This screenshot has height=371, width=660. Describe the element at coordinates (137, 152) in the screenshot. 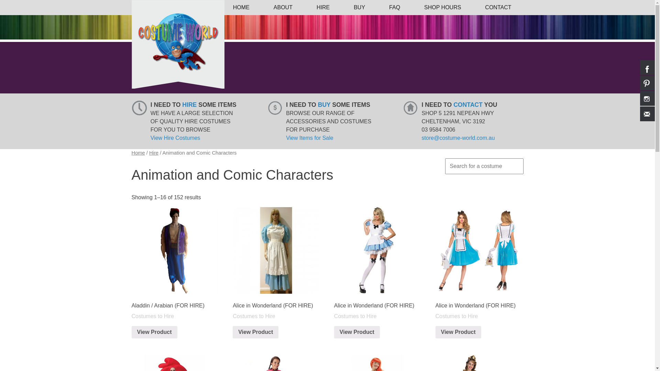

I see `'Home'` at that location.